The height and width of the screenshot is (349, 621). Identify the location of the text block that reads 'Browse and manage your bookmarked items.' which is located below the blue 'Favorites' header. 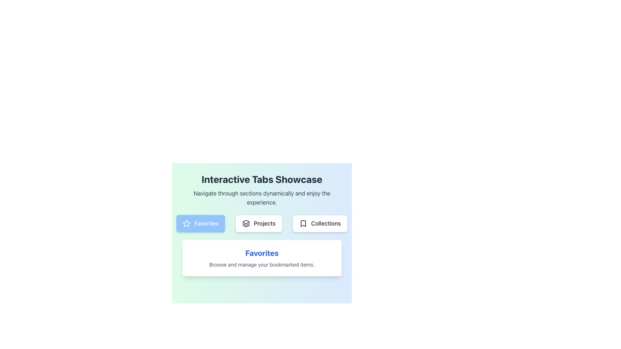
(262, 264).